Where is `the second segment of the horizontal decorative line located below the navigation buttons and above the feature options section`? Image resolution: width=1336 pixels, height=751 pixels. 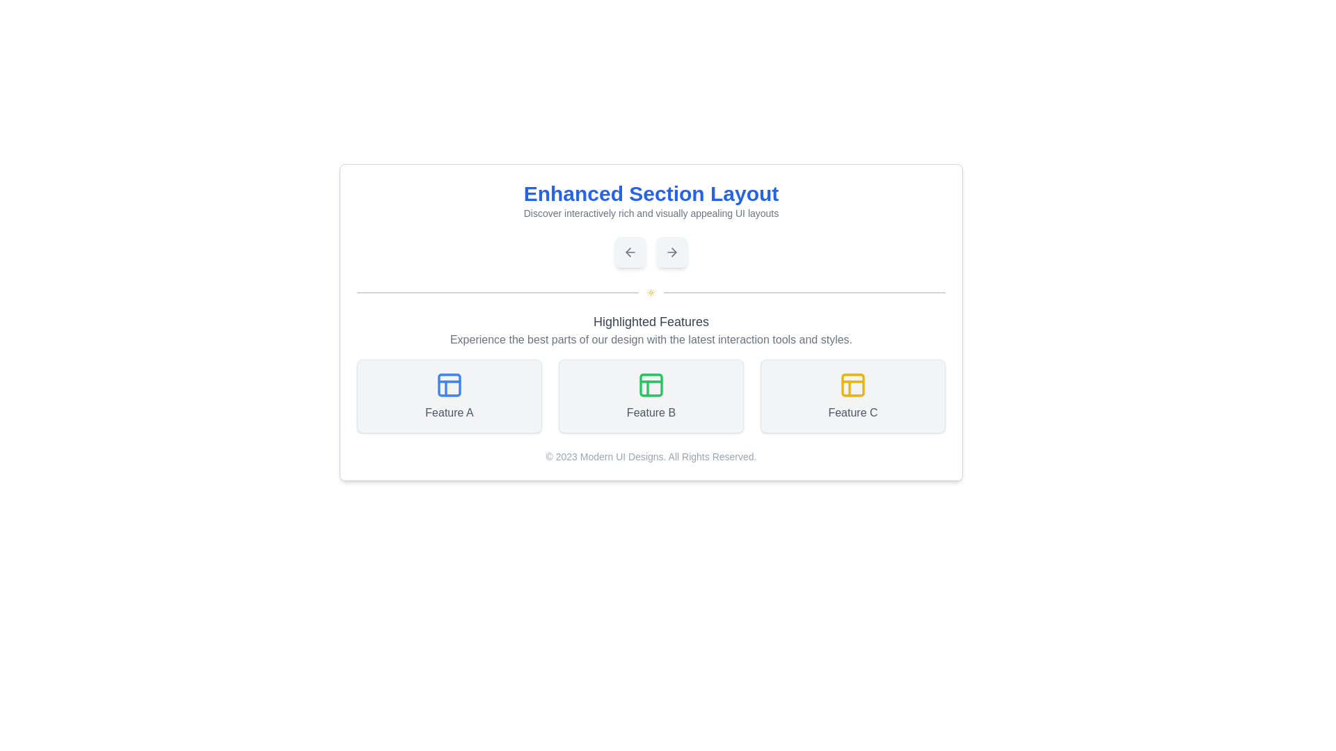 the second segment of the horizontal decorative line located below the navigation buttons and above the feature options section is located at coordinates (804, 291).